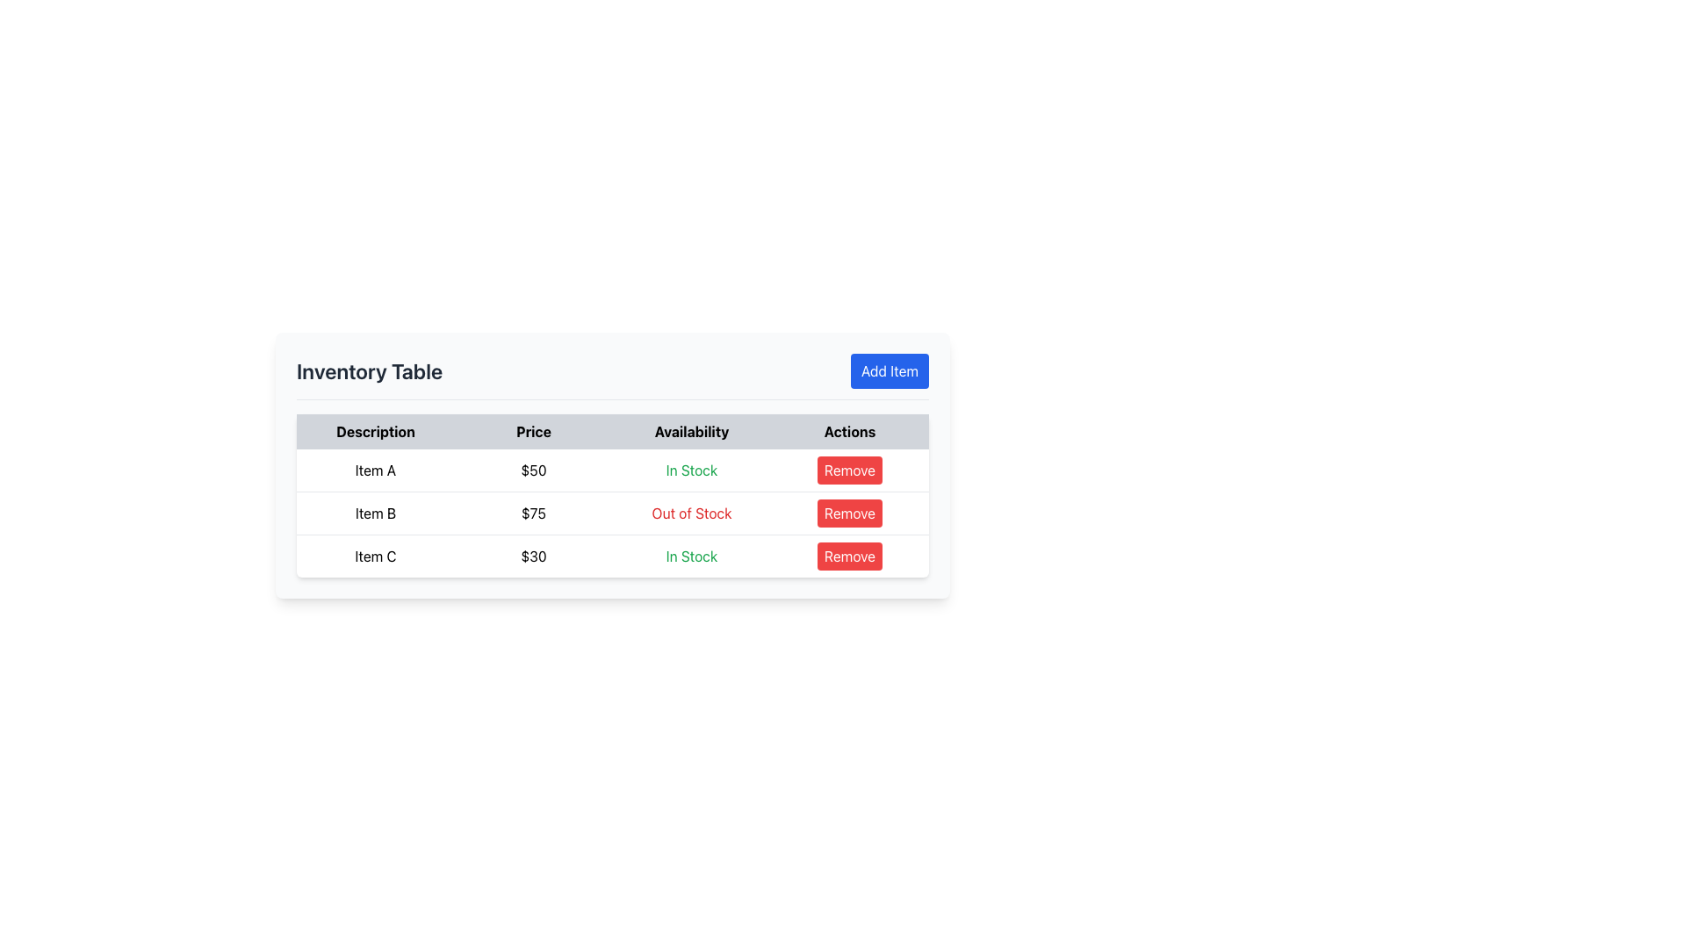 This screenshot has width=1686, height=948. Describe the element at coordinates (690, 513) in the screenshot. I see `the availability status text label indicating that 'Item B' is unavailable for purchase, located between the price '$75' and the 'Remove' button` at that location.